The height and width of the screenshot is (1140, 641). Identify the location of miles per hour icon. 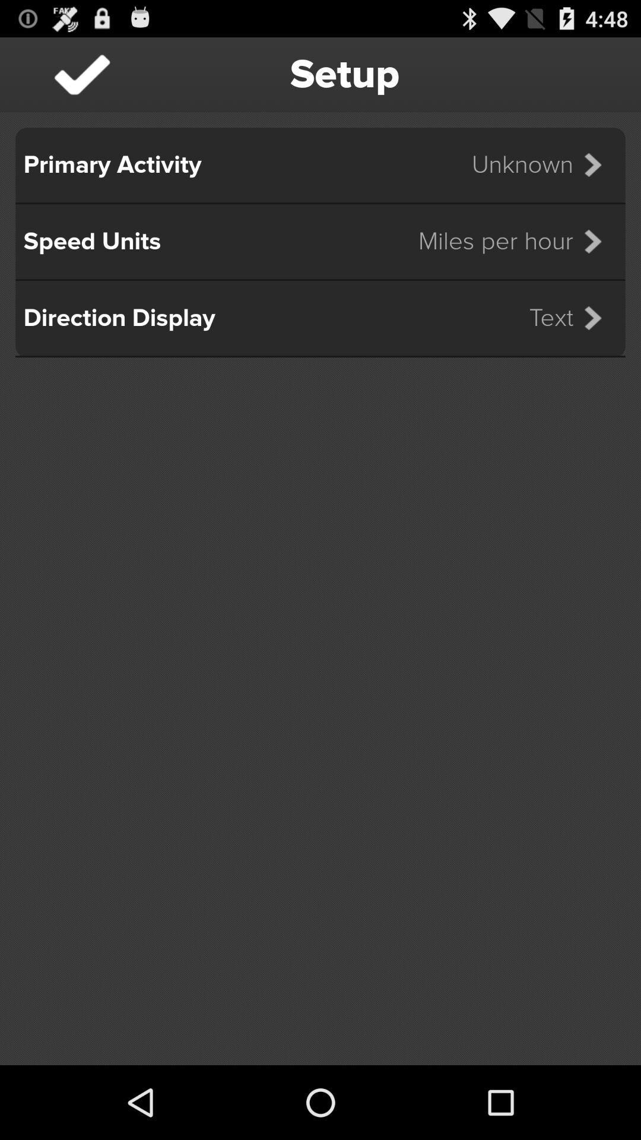
(517, 241).